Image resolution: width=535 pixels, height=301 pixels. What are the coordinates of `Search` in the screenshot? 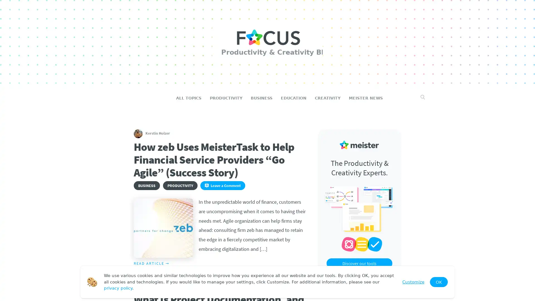 It's located at (419, 98).